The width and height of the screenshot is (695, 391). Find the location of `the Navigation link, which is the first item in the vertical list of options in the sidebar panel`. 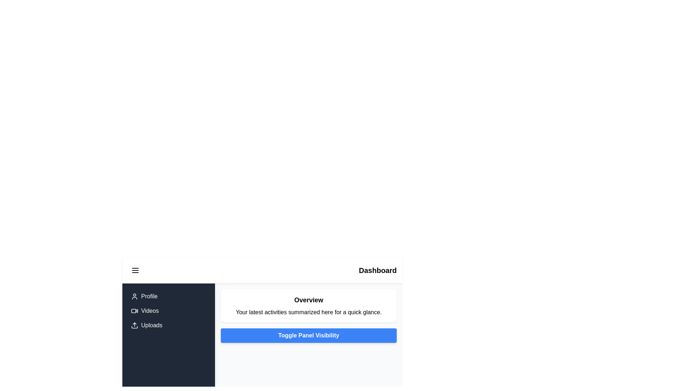

the Navigation link, which is the first item in the vertical list of options in the sidebar panel is located at coordinates (168, 296).